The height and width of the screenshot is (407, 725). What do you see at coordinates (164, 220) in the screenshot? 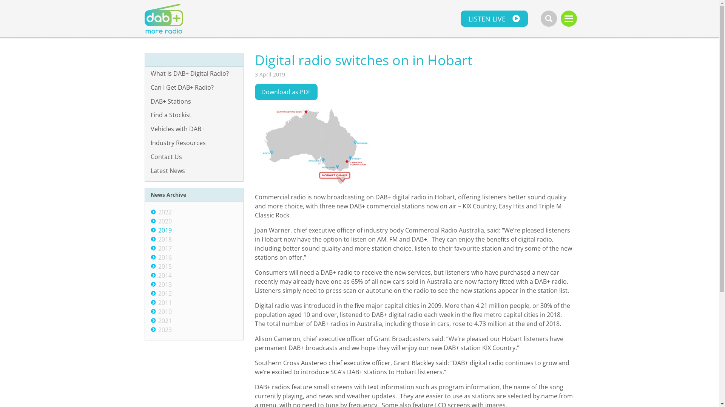
I see `'2020'` at bounding box center [164, 220].